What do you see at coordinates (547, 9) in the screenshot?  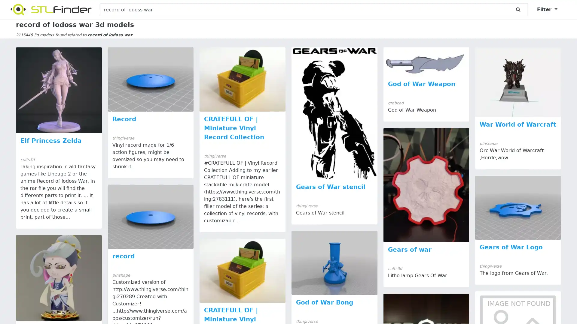 I see `Filter` at bounding box center [547, 9].